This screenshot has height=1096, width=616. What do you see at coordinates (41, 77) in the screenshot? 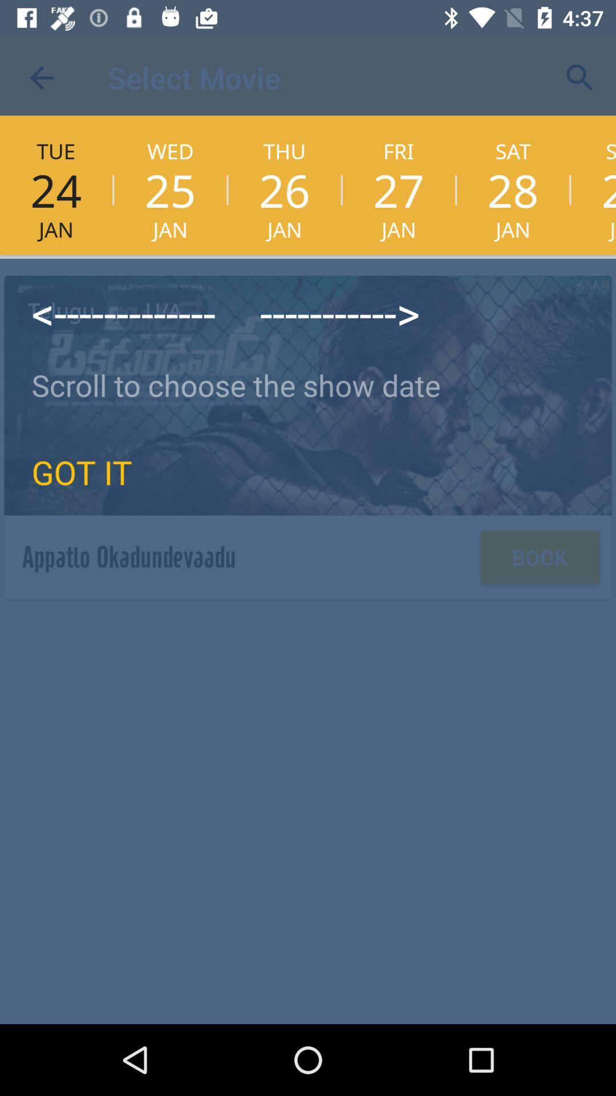
I see `the app next to select movie icon` at bounding box center [41, 77].